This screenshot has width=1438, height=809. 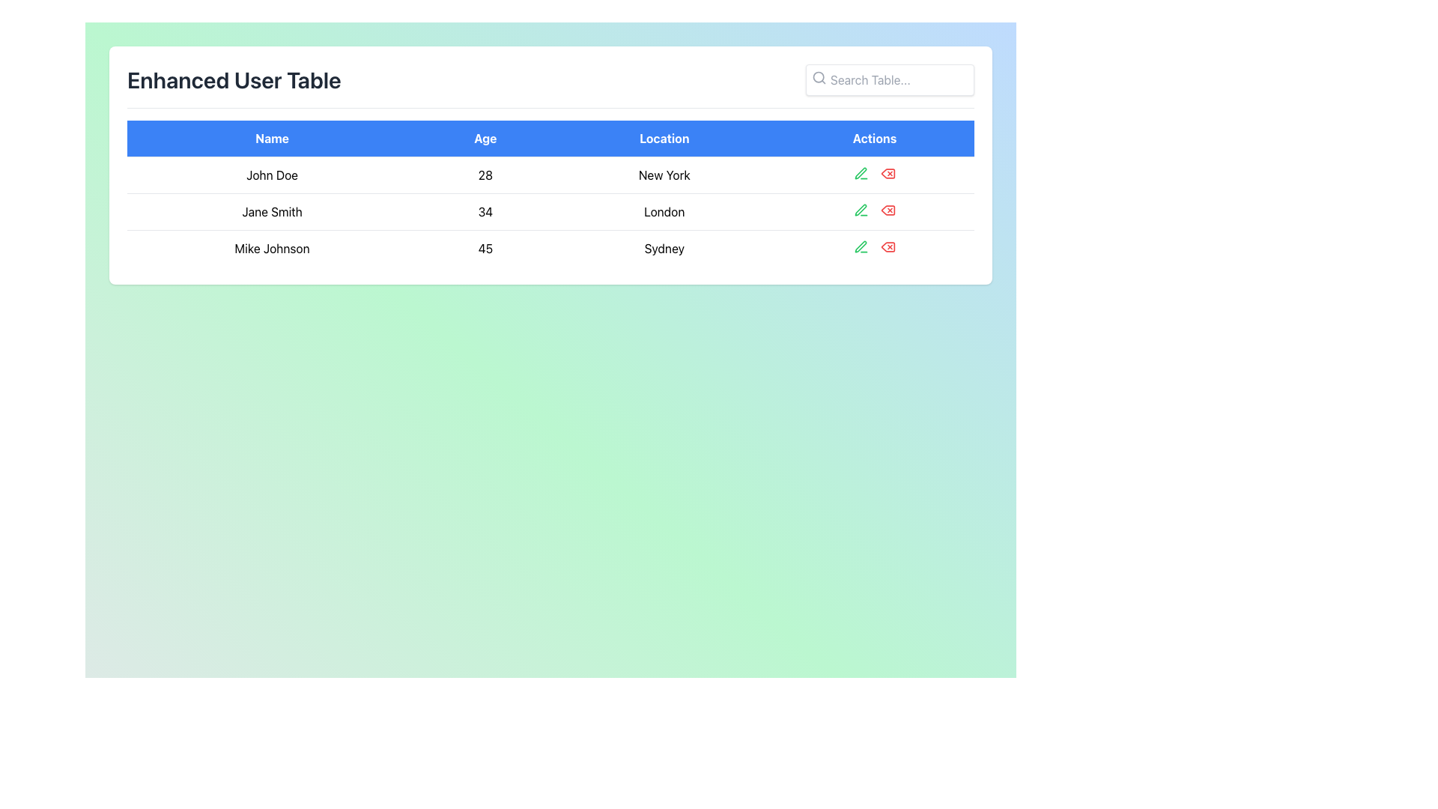 I want to click on the 'delete' icon in the 'Actions' column, located in the same row as 'London', so click(x=888, y=210).